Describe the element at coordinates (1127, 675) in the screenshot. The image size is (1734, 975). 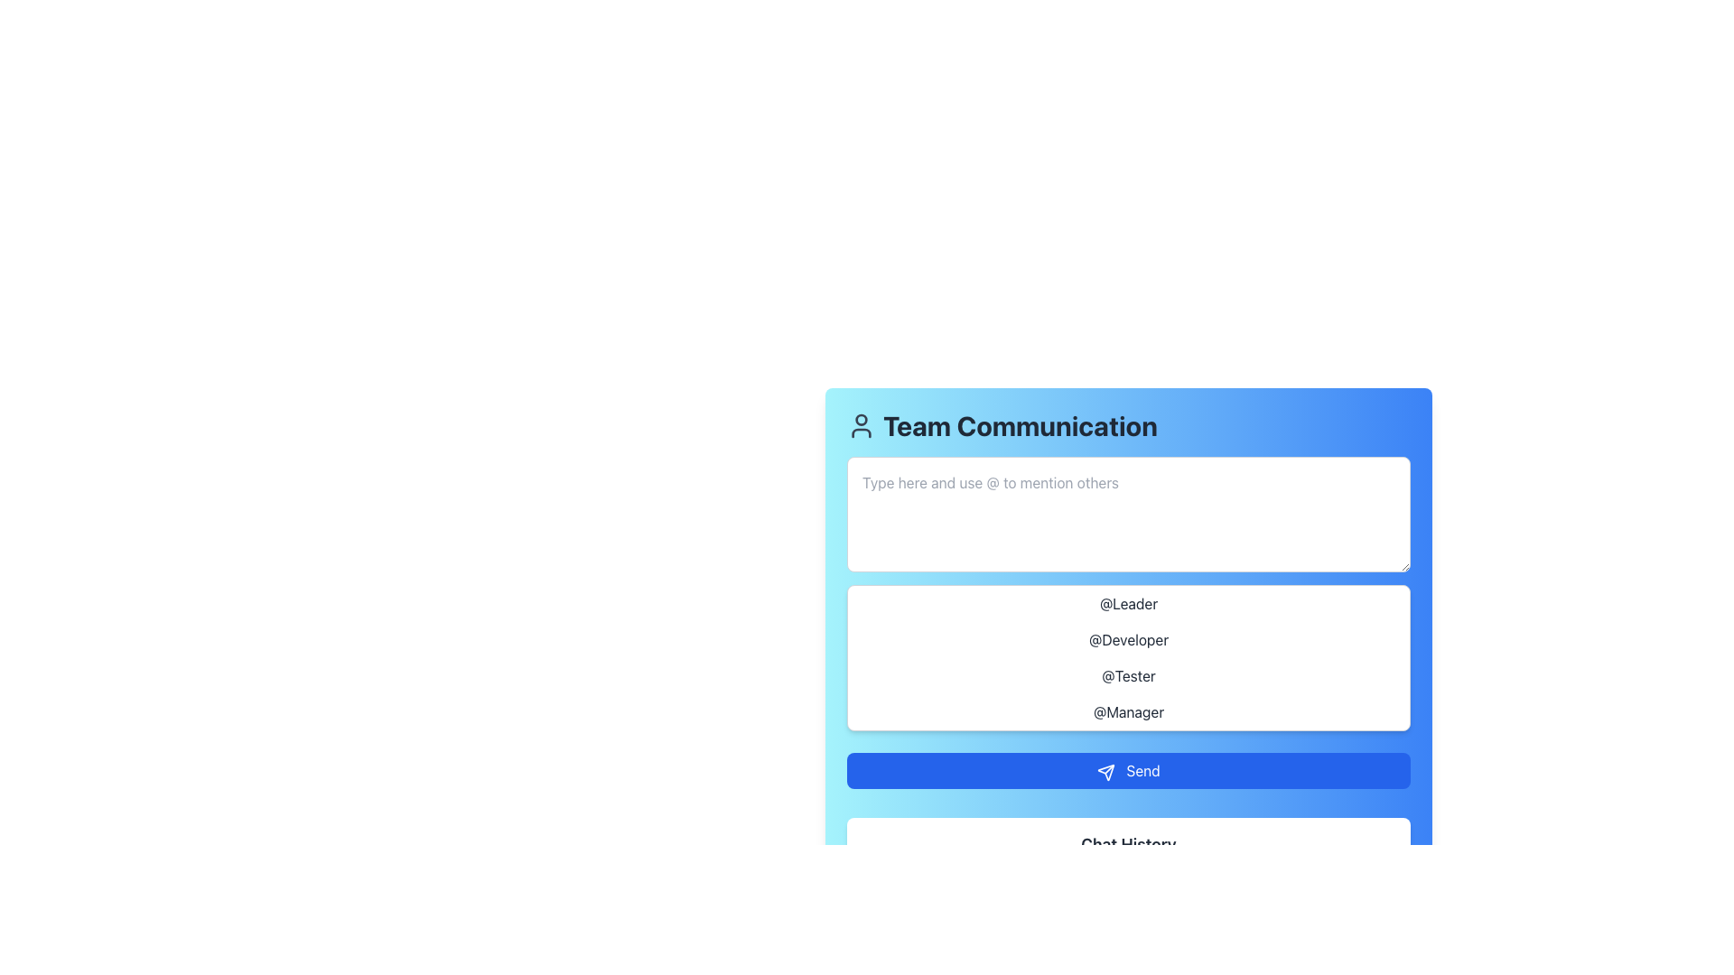
I see `the third selectable option text in the dropdown list that represents an individual identifier, specifically '@Tester'` at that location.